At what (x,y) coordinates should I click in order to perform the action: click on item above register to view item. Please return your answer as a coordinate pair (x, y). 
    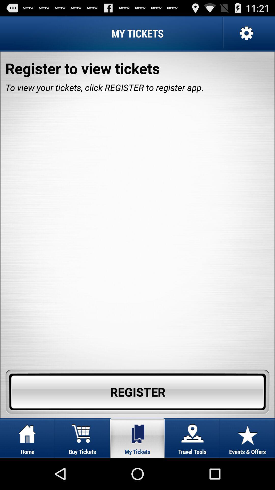
    Looking at the image, I should click on (245, 33).